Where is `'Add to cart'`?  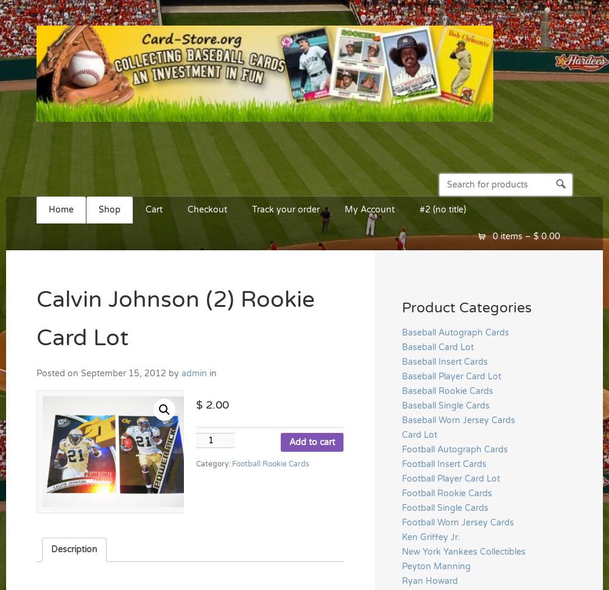
'Add to cart' is located at coordinates (289, 441).